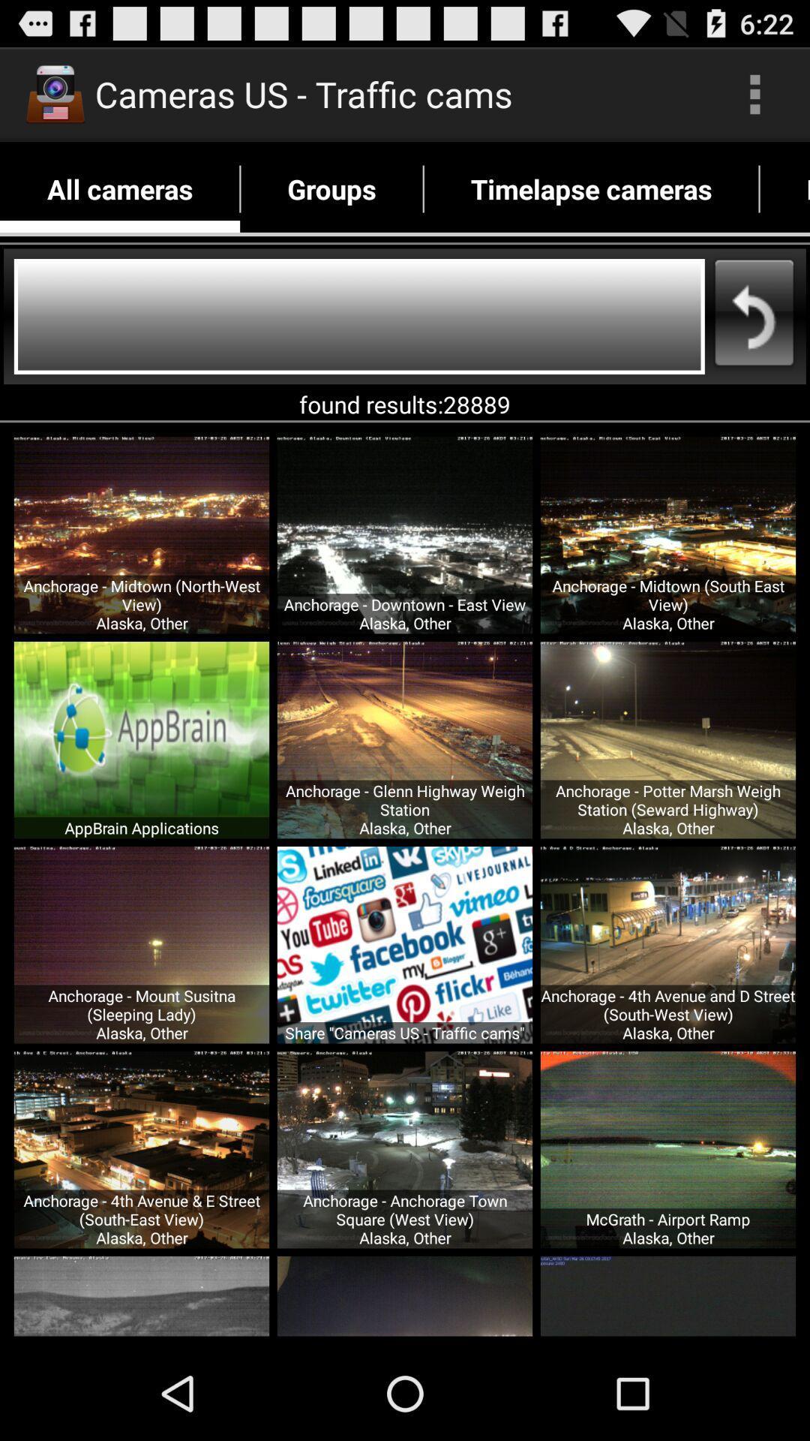 This screenshot has width=810, height=1441. What do you see at coordinates (590, 188) in the screenshot?
I see `the app next to favorites app` at bounding box center [590, 188].